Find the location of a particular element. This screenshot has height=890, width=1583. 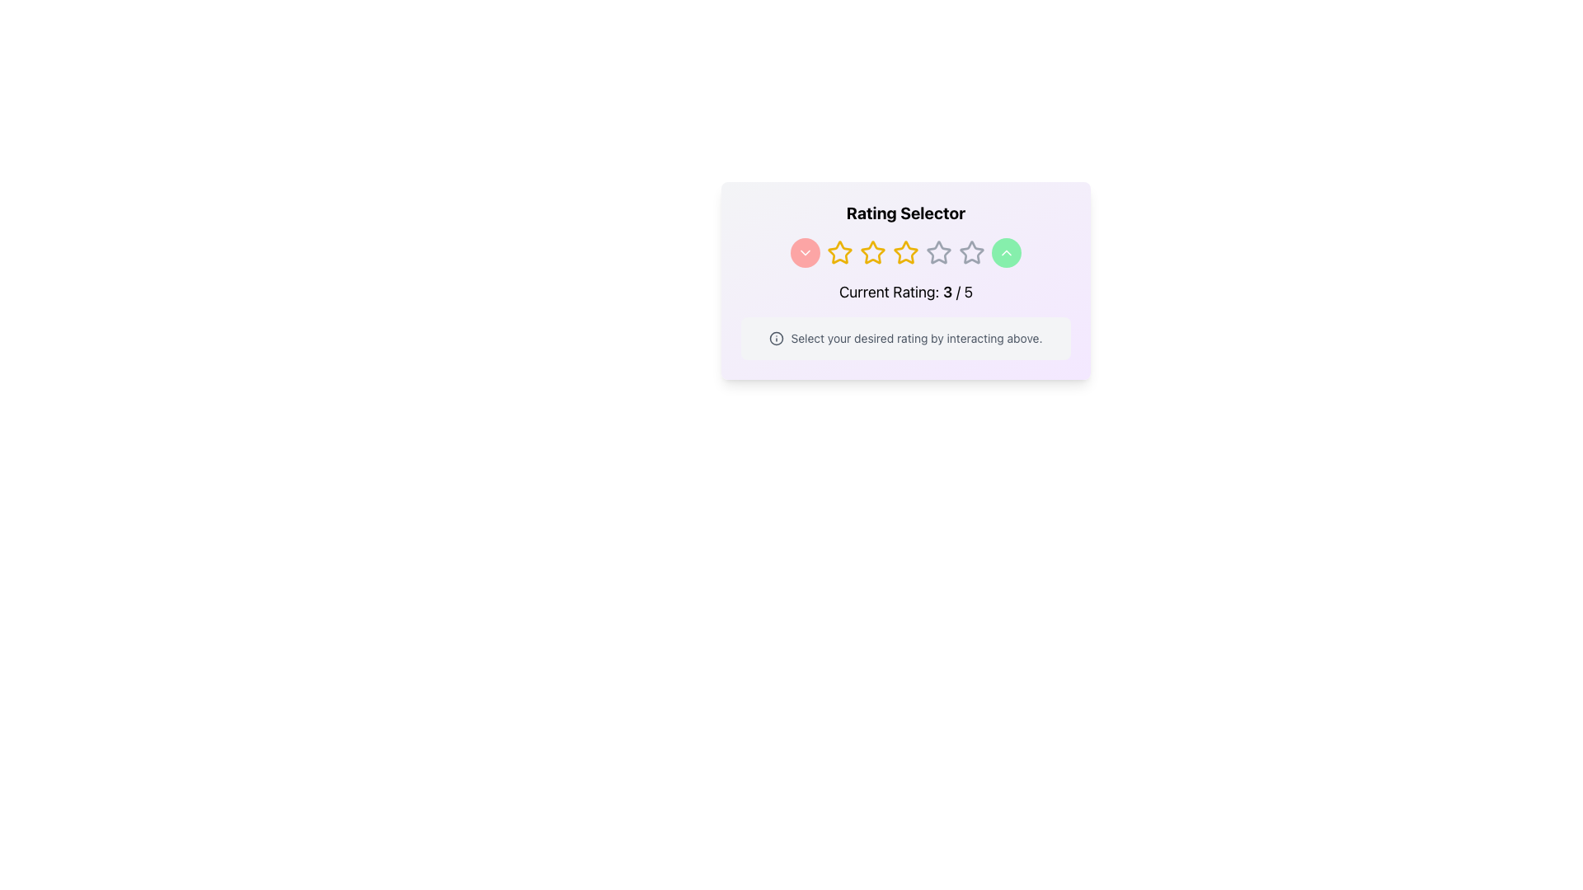

the chevron icon located within the red circular button in the top-left region of the interface, which is positioned to the left of the star icons used for rating is located at coordinates (806, 253).